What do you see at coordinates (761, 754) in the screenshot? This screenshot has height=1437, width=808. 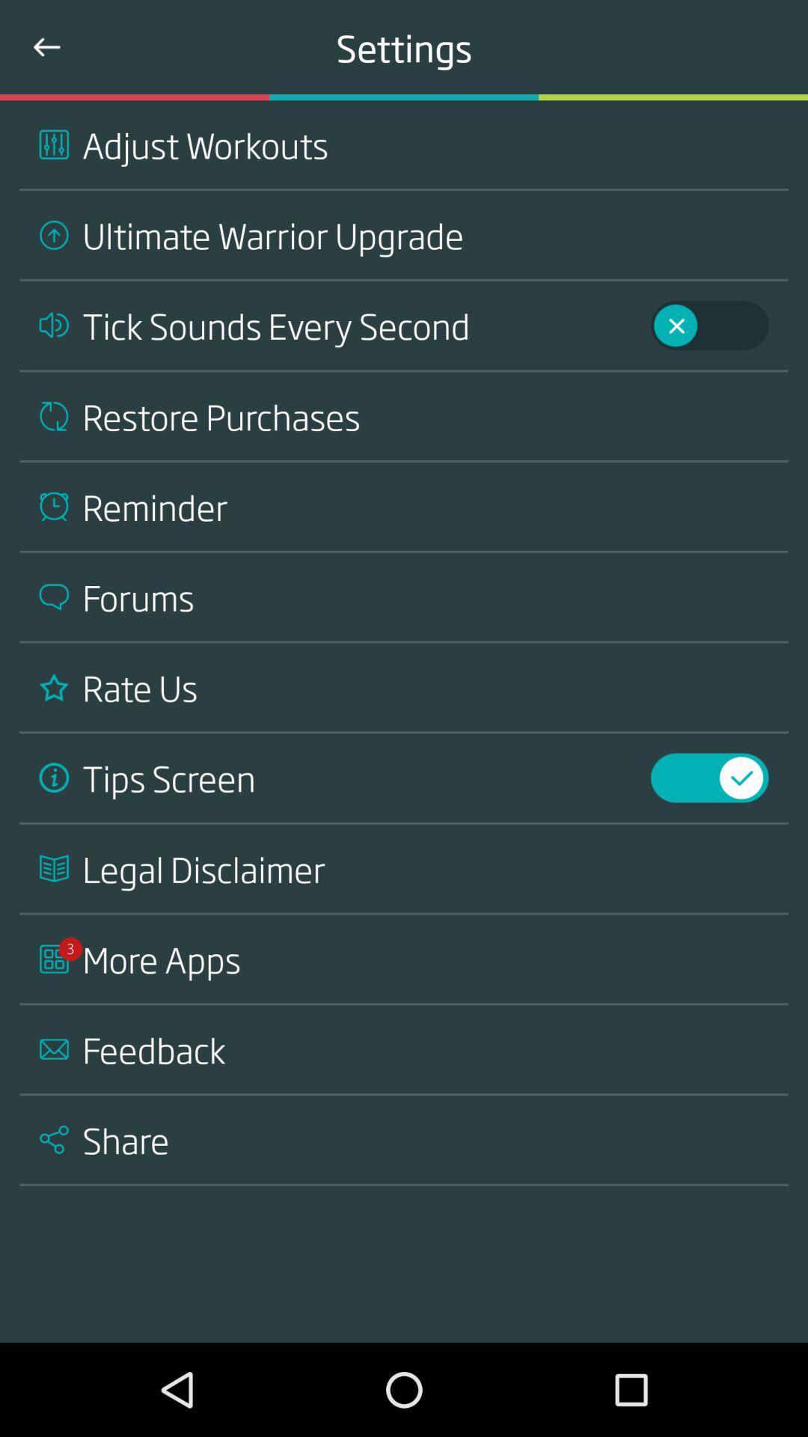 I see `the check icon` at bounding box center [761, 754].